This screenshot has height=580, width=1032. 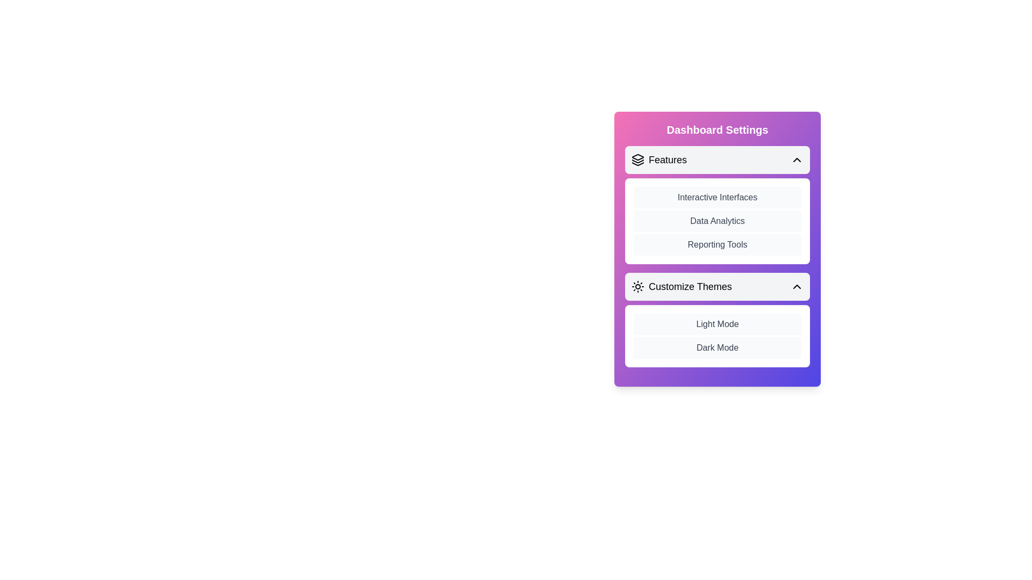 What do you see at coordinates (717, 221) in the screenshot?
I see `the list item Data Analytics in the section Features` at bounding box center [717, 221].